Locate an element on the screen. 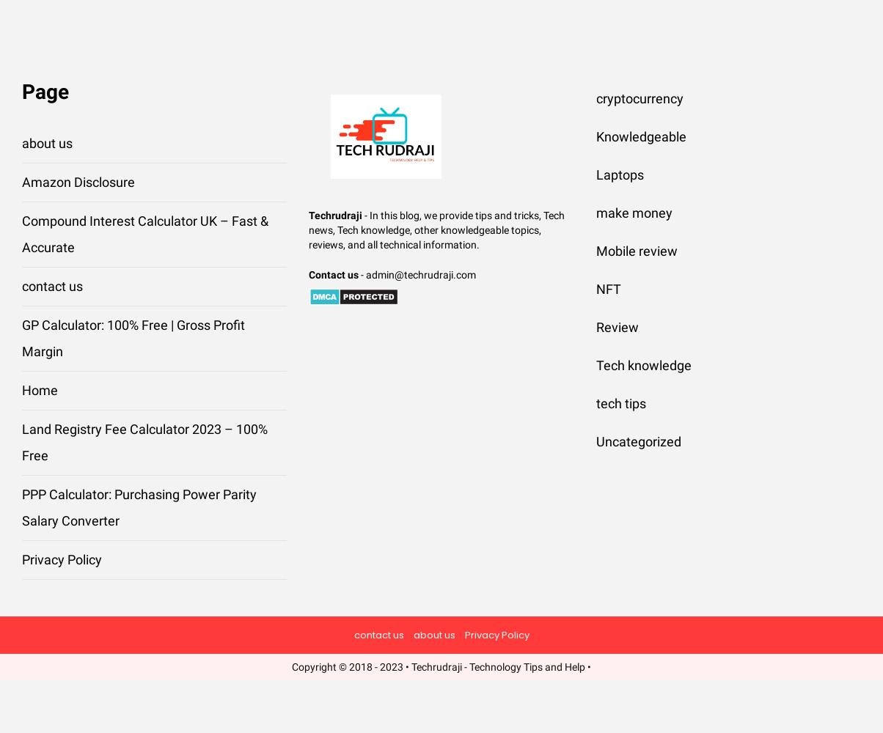  'PPP Calculator: Purchasing Power Parity Salary Converter' is located at coordinates (139, 507).